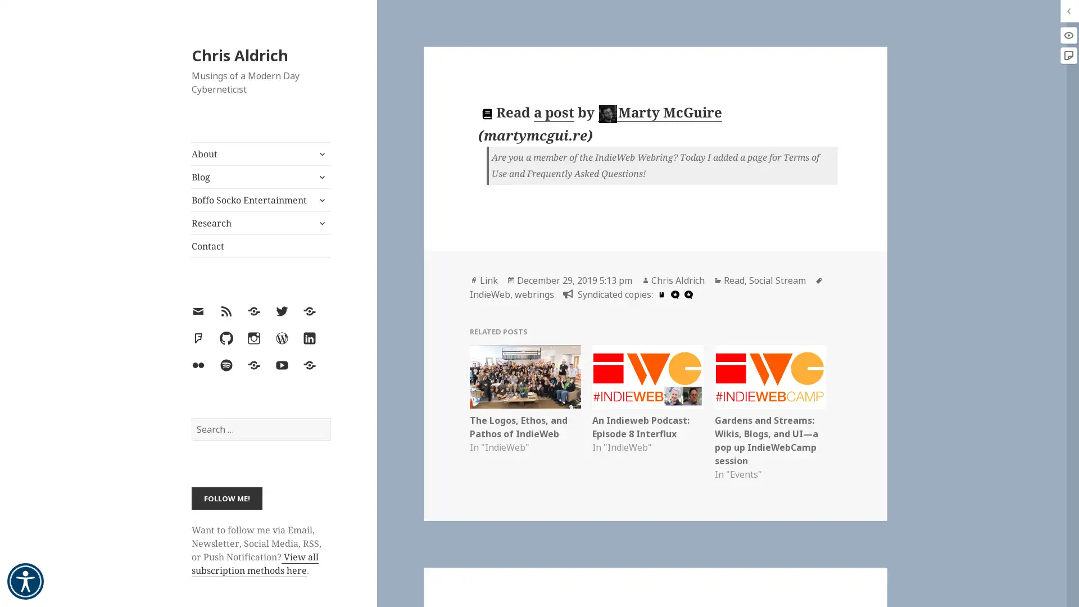 The width and height of the screenshot is (1079, 607). Describe the element at coordinates (226, 497) in the screenshot. I see `Follow Me!` at that location.